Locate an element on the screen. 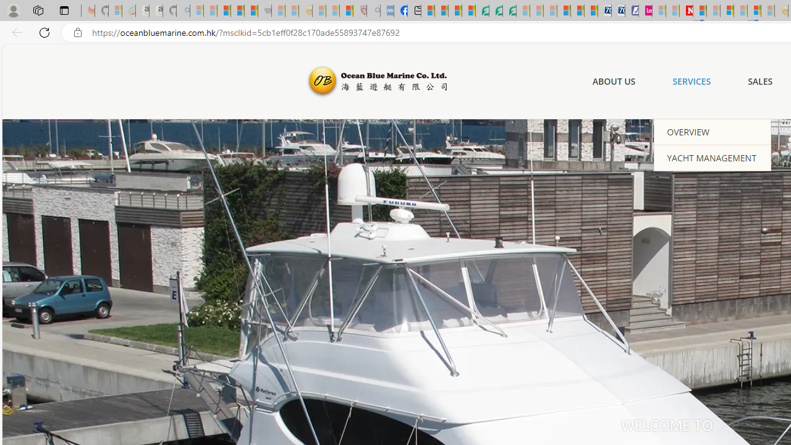 The image size is (791, 445). 'ABOUT US' is located at coordinates (614, 82).